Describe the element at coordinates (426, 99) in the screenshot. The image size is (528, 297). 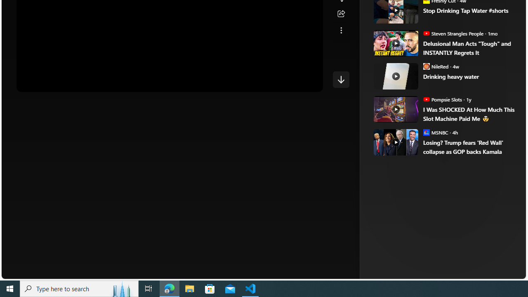
I see `'Pompsie Slots'` at that location.